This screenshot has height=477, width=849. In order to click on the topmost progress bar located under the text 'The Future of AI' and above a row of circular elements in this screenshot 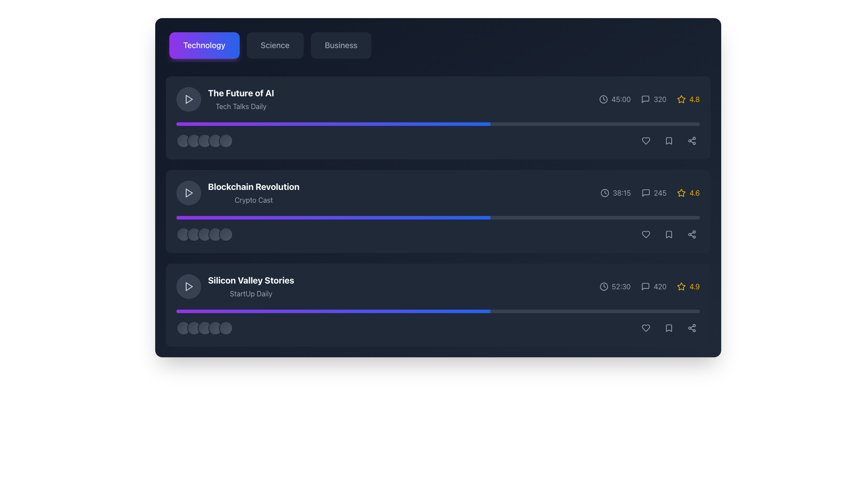, I will do `click(438, 124)`.